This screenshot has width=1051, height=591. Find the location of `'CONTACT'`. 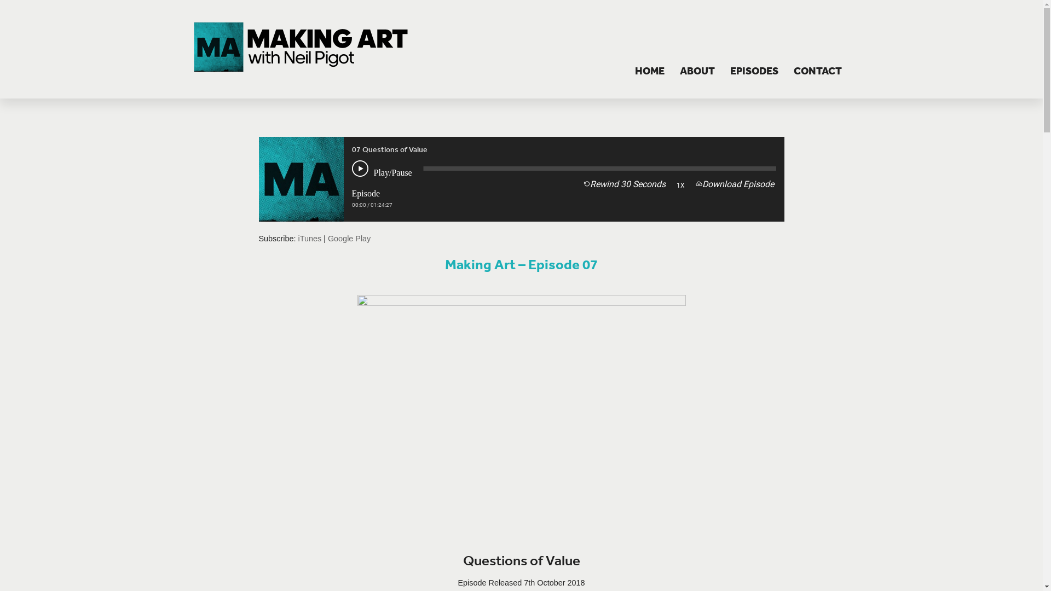

'CONTACT' is located at coordinates (817, 71).